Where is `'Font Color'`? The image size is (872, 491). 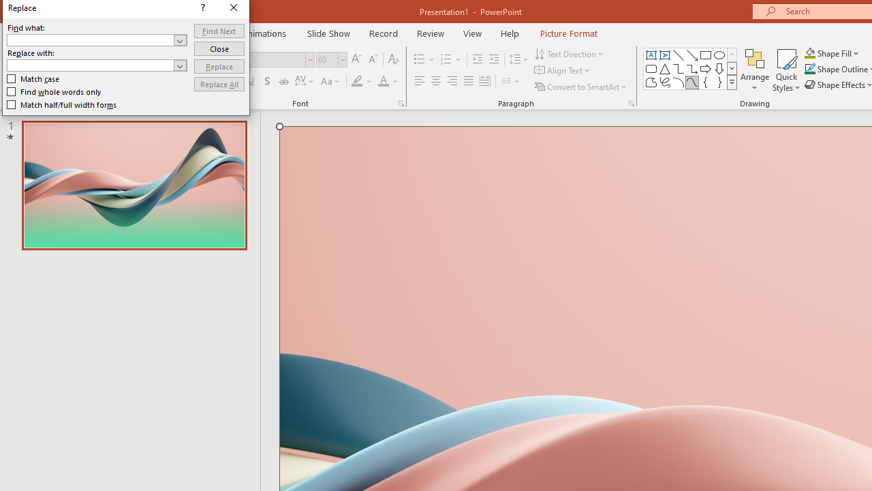 'Font Color' is located at coordinates (388, 81).